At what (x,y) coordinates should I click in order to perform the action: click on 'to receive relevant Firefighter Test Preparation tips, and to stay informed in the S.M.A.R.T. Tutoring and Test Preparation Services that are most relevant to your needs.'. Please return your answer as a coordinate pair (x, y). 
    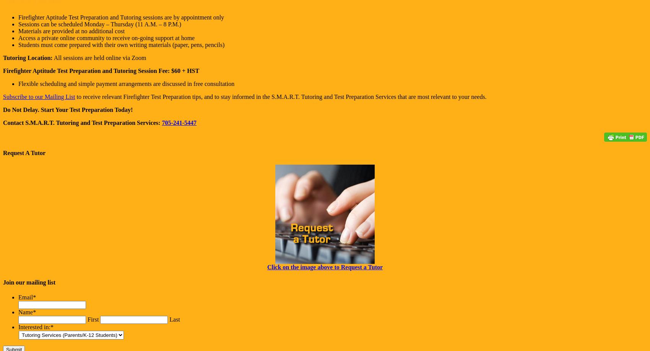
    Looking at the image, I should click on (281, 96).